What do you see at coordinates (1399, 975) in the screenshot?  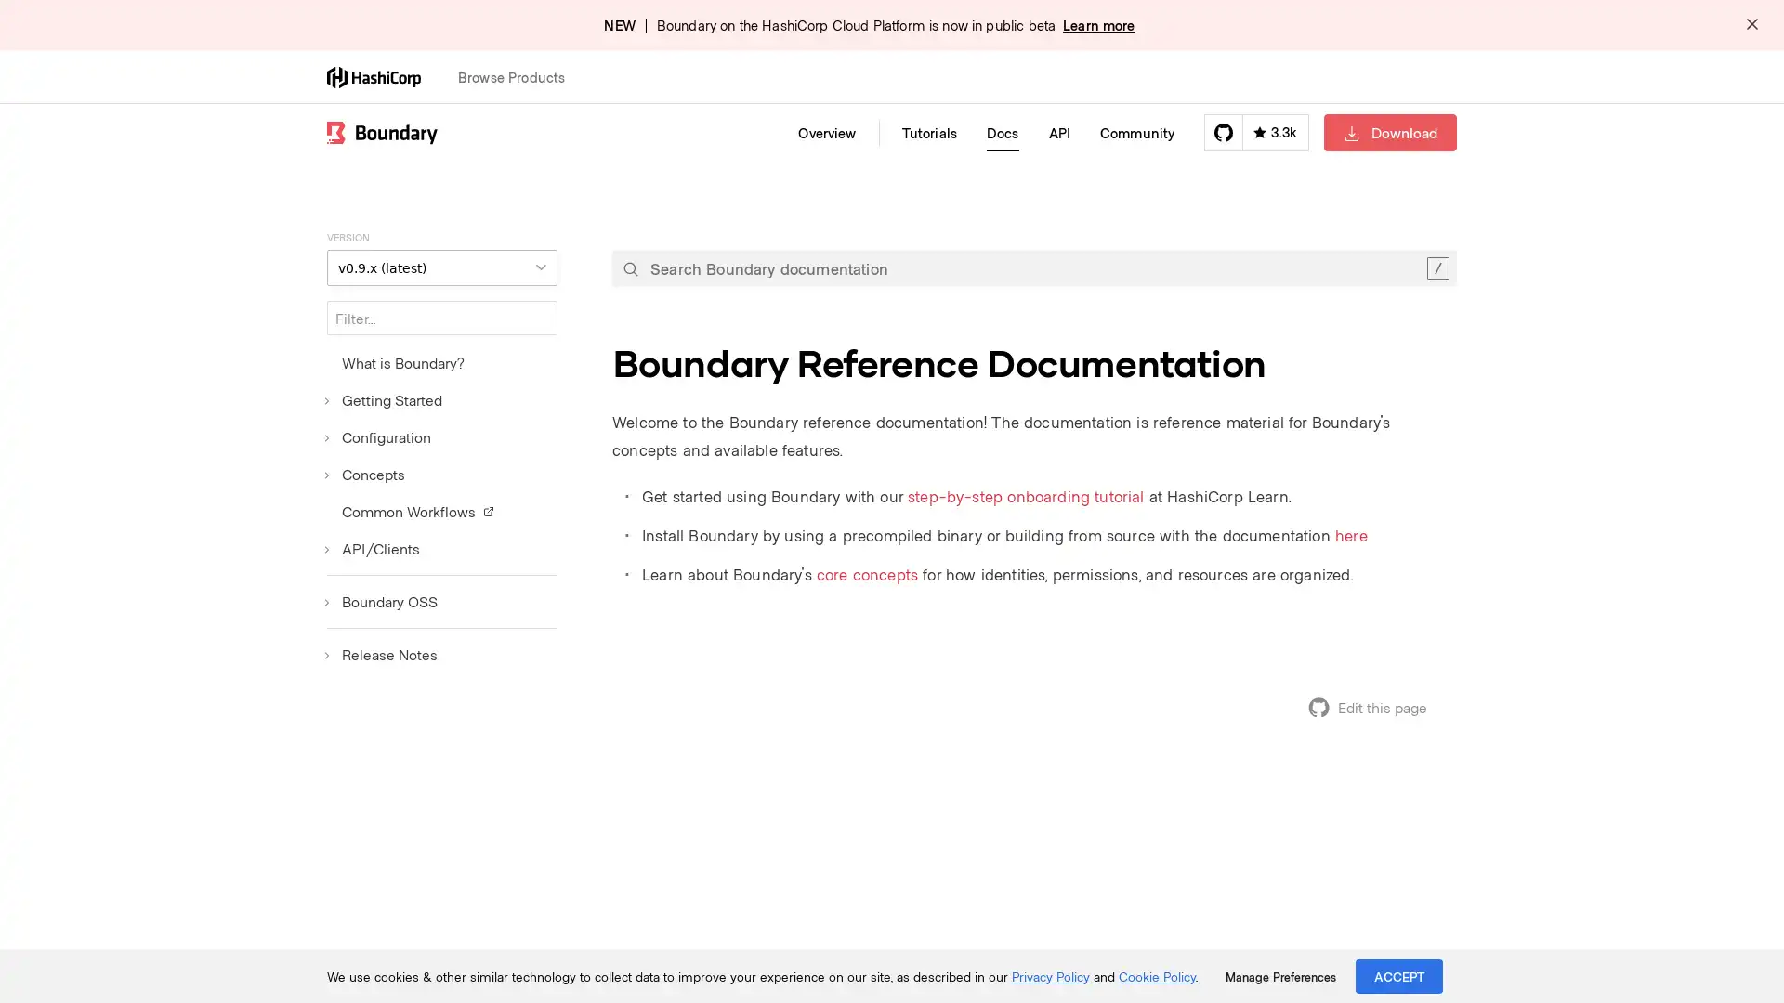 I see `ACCEPT` at bounding box center [1399, 975].